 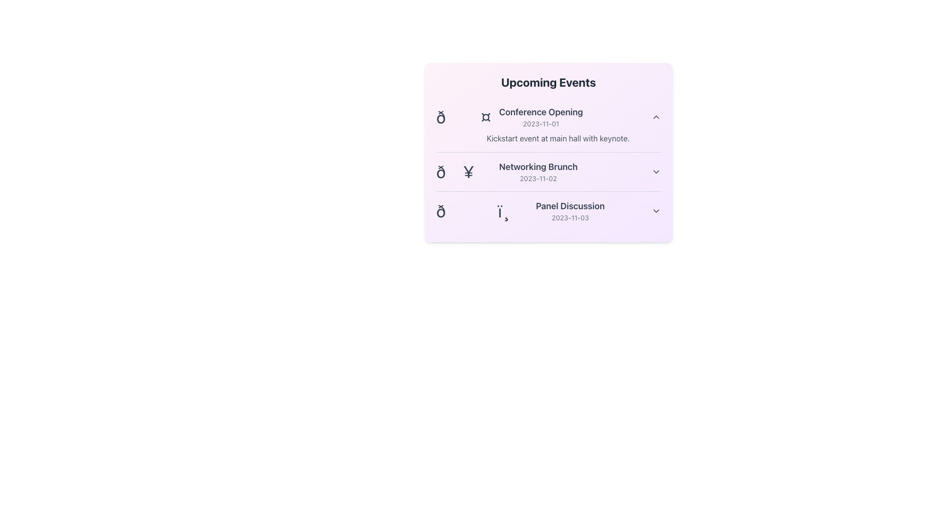 What do you see at coordinates (463, 171) in the screenshot?
I see `the bold and large yen currency symbol ('¥') located to the right of the preceding icon in the 'Networking Brunch' event row` at bounding box center [463, 171].